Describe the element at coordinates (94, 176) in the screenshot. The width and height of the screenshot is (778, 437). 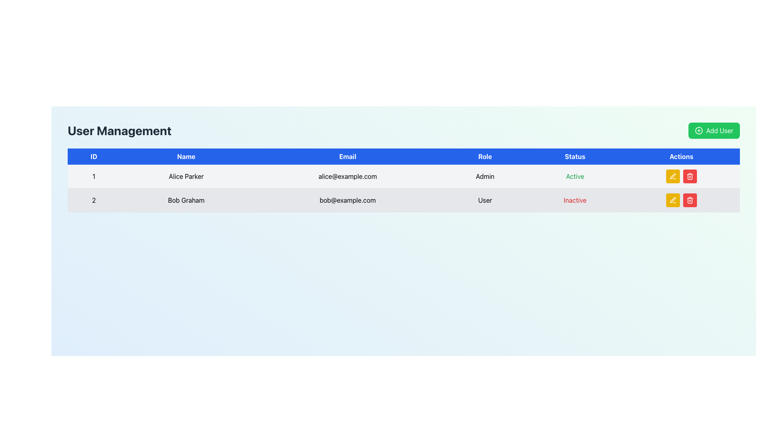
I see `the static text displaying the number '1' in the 'ID' column of the table row for 'Alice Parker'` at that location.